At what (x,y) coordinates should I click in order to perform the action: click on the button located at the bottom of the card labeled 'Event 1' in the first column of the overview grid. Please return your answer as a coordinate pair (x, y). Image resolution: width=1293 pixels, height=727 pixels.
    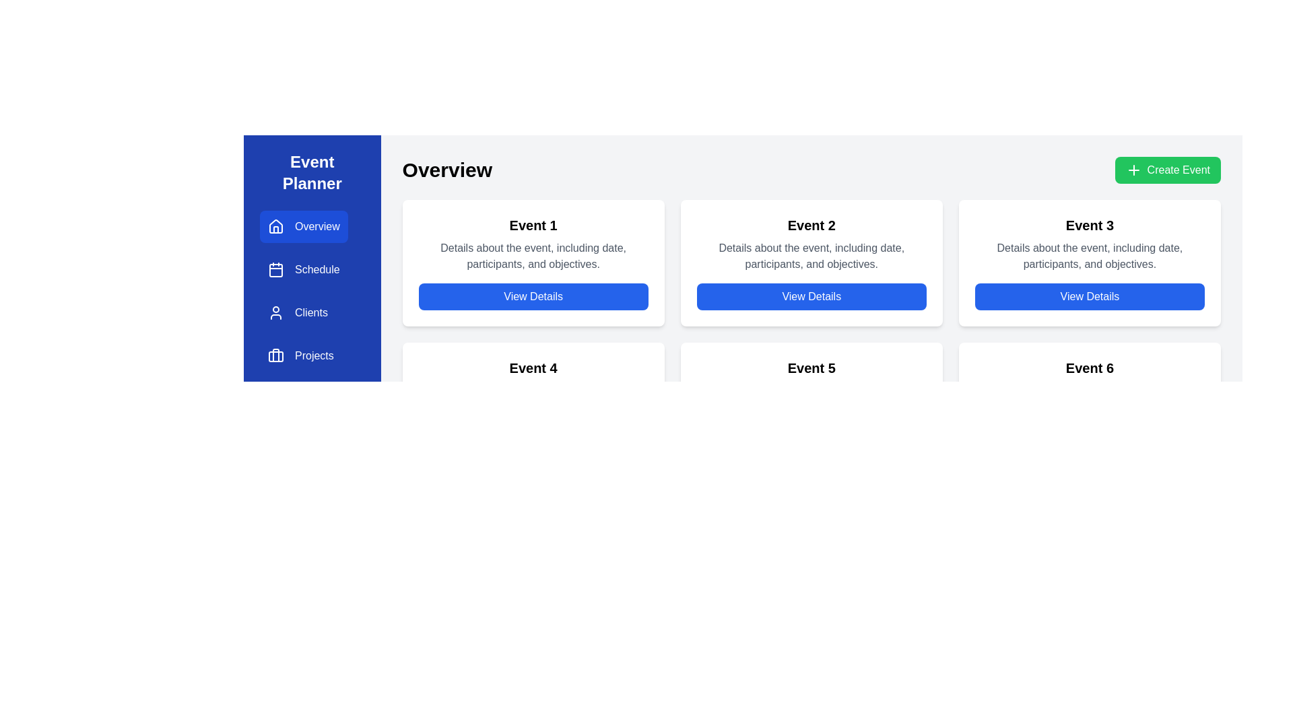
    Looking at the image, I should click on (533, 296).